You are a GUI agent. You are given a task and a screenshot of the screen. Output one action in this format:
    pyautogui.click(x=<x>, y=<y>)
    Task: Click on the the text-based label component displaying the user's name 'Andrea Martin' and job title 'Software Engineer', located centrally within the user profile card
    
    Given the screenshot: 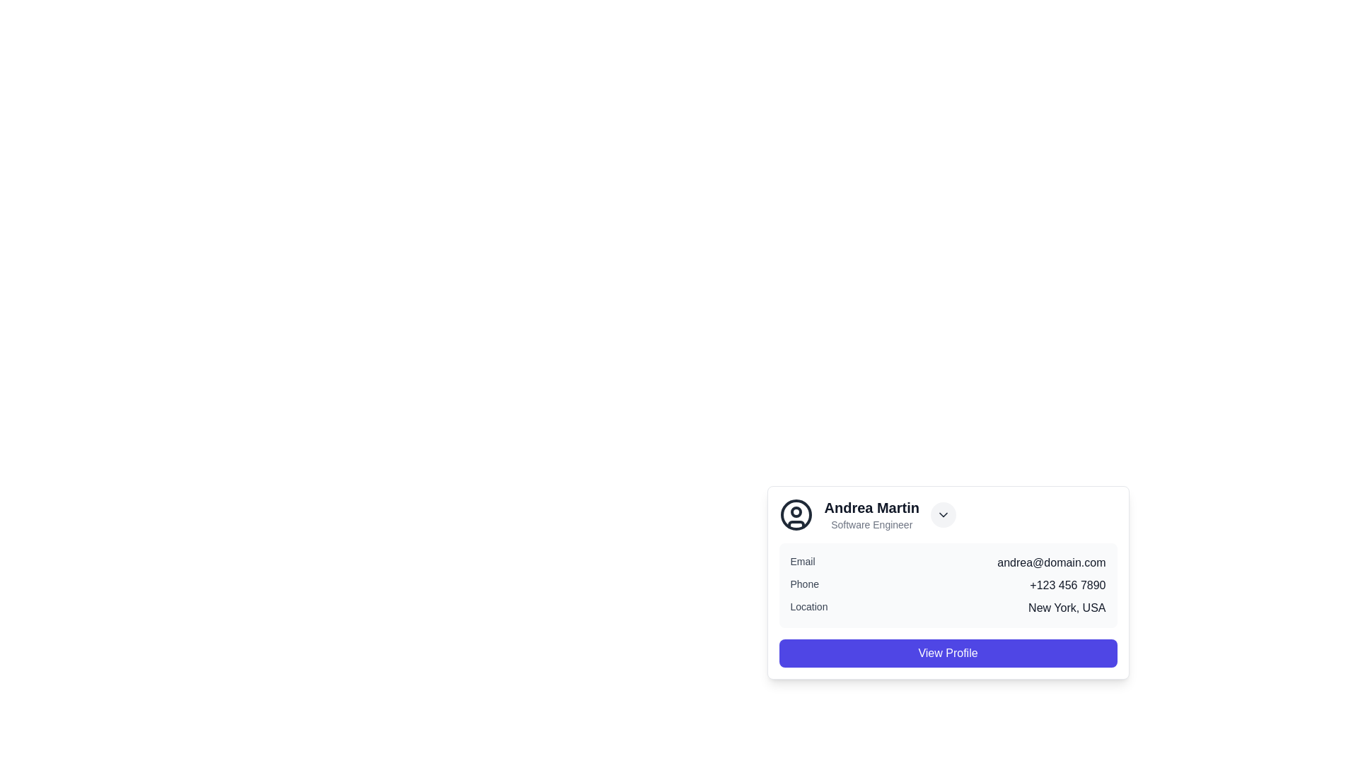 What is the action you would take?
    pyautogui.click(x=871, y=515)
    